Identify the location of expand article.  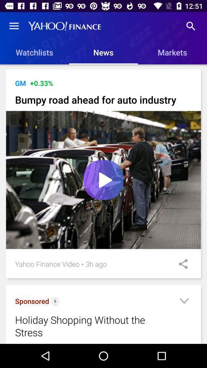
(184, 302).